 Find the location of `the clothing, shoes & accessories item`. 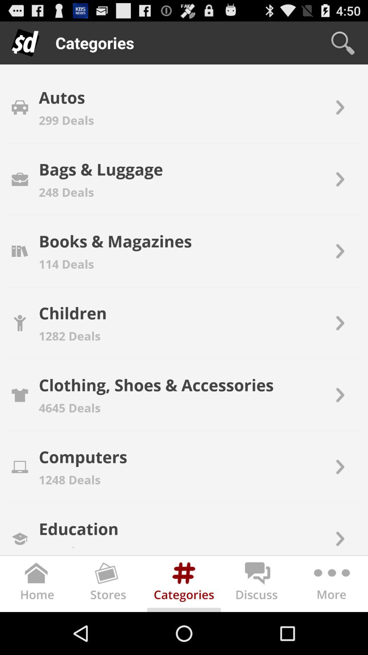

the clothing, shoes & accessories item is located at coordinates (156, 385).